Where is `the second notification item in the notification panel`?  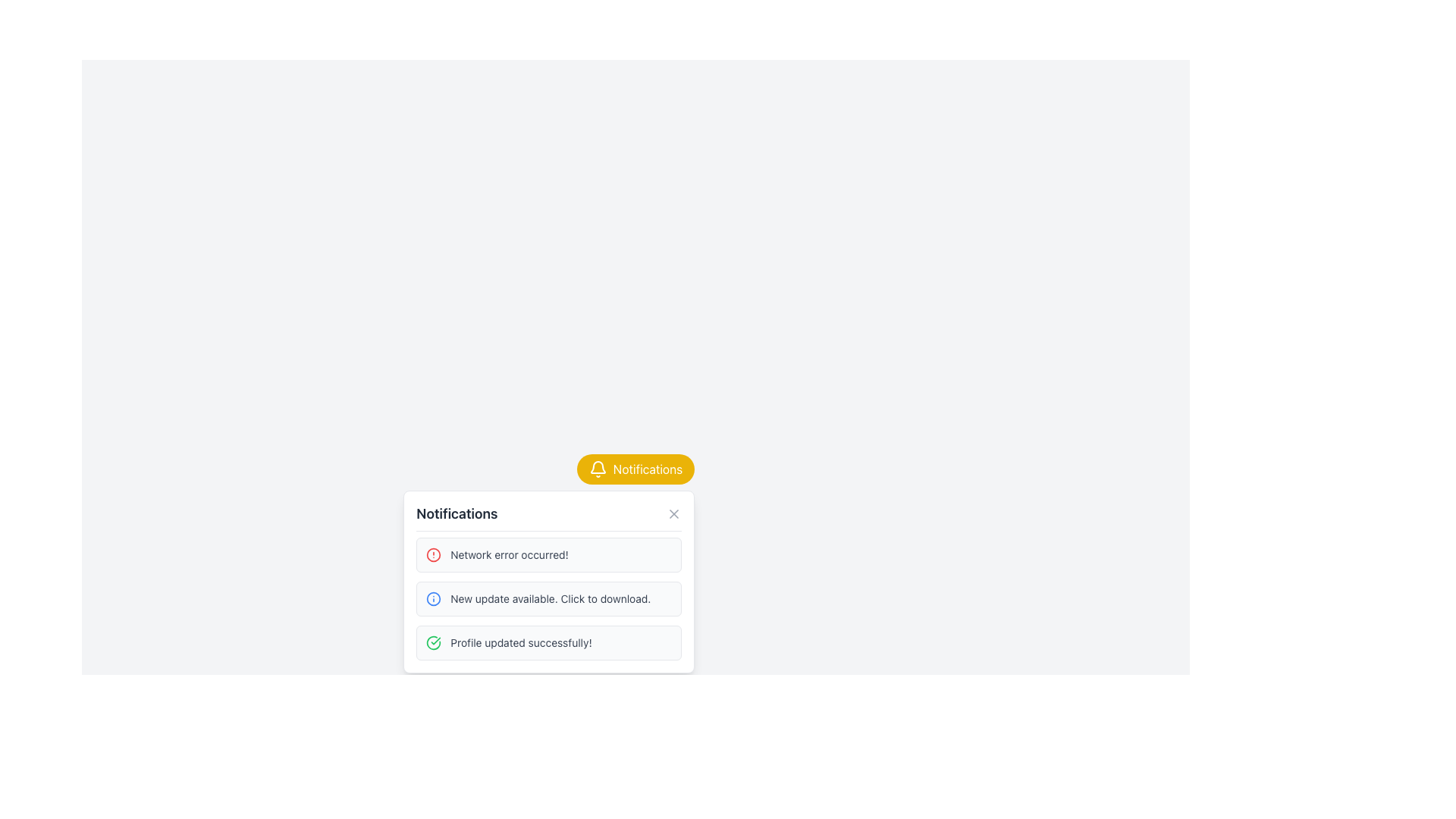
the second notification item in the notification panel is located at coordinates (548, 598).